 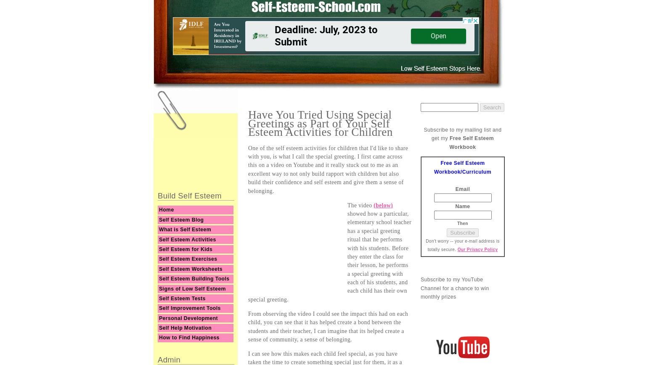 What do you see at coordinates (462, 188) in the screenshot?
I see `'Email'` at bounding box center [462, 188].